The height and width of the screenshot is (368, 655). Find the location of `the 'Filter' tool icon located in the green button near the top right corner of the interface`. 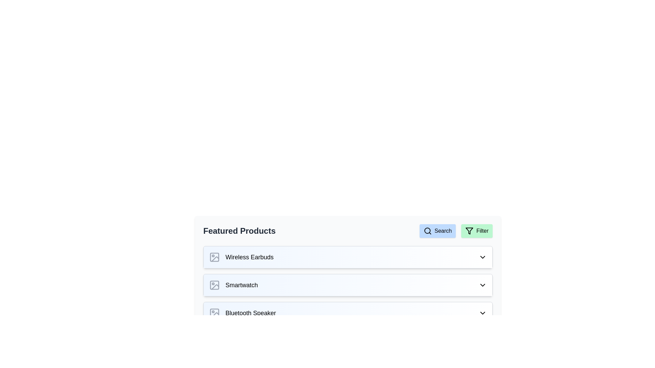

the 'Filter' tool icon located in the green button near the top right corner of the interface is located at coordinates (469, 231).